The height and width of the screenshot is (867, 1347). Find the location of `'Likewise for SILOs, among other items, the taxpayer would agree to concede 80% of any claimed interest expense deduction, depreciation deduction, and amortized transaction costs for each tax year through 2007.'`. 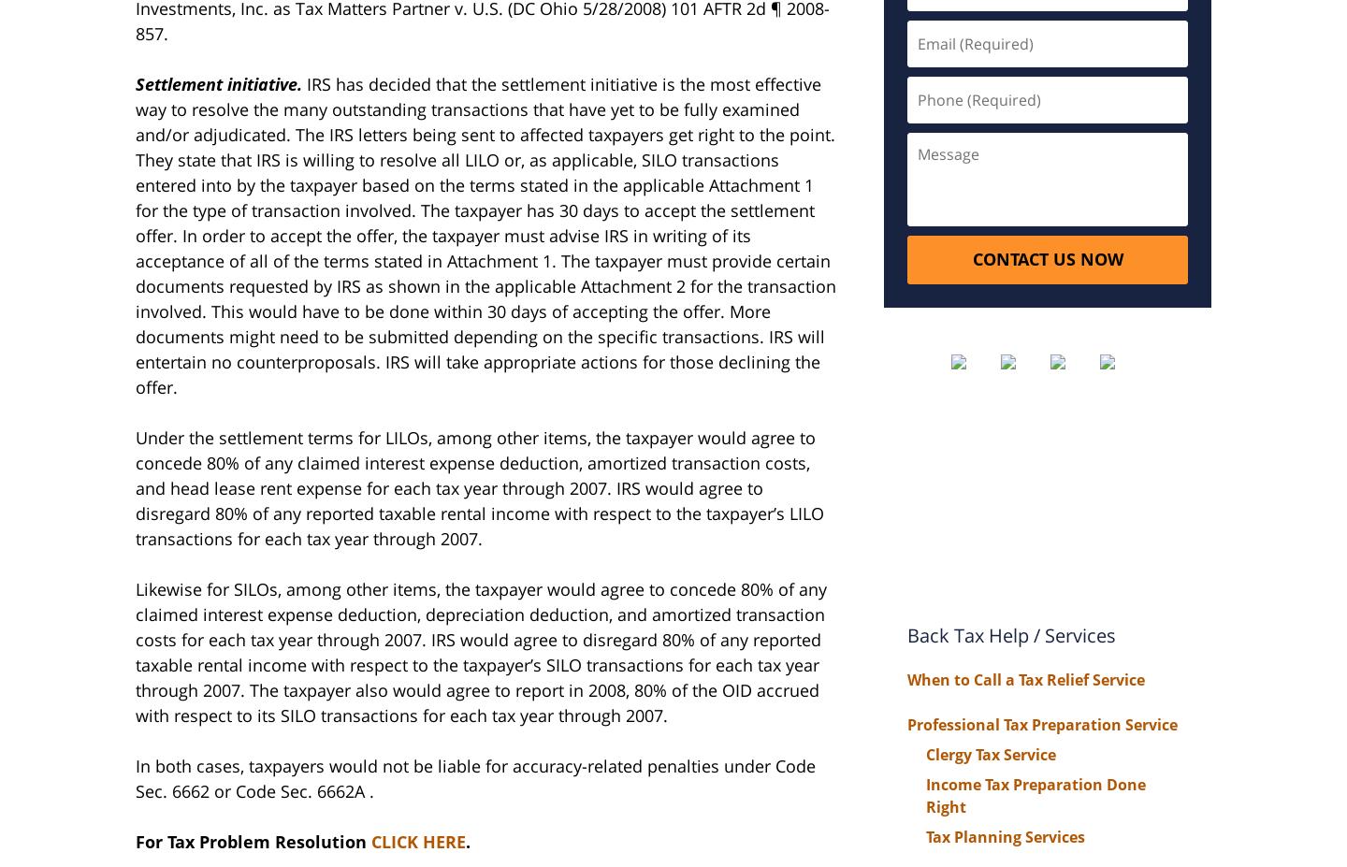

'Likewise for SILOs, among other items, the taxpayer would agree to concede 80% of any claimed interest expense deduction, depreciation deduction, and amortized transaction costs for each tax year through 2007.' is located at coordinates (480, 613).